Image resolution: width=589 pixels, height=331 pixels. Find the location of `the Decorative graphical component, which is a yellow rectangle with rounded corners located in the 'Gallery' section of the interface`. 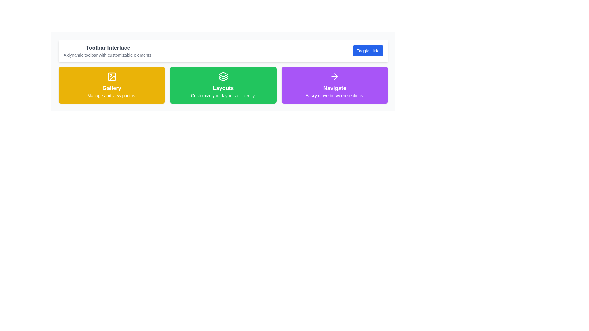

the Decorative graphical component, which is a yellow rectangle with rounded corners located in the 'Gallery' section of the interface is located at coordinates (112, 76).